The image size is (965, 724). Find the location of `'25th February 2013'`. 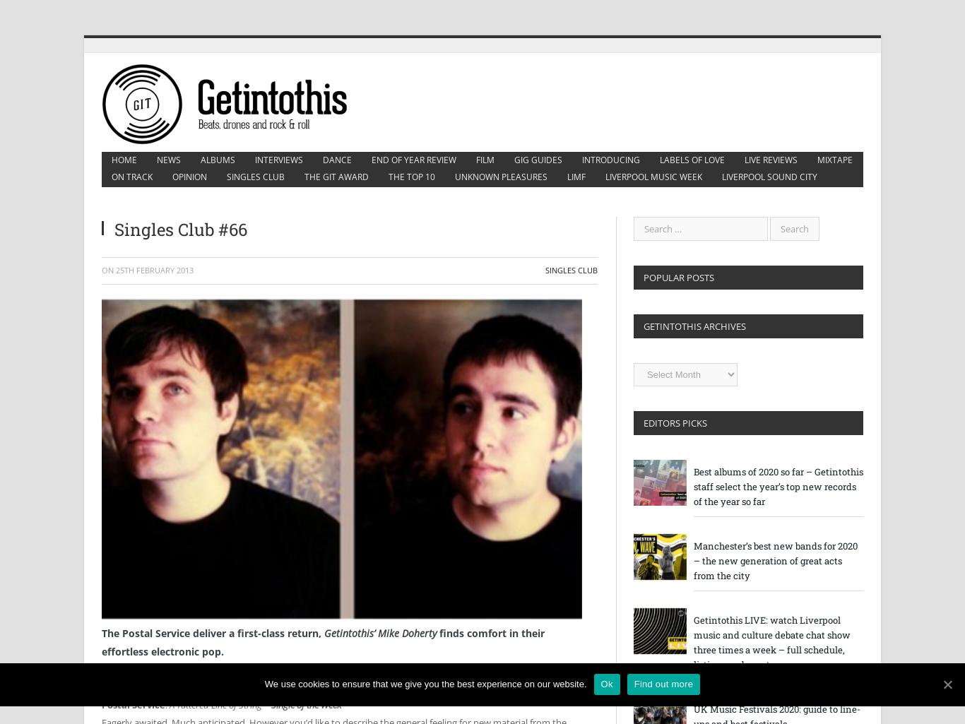

'25th February 2013' is located at coordinates (153, 270).